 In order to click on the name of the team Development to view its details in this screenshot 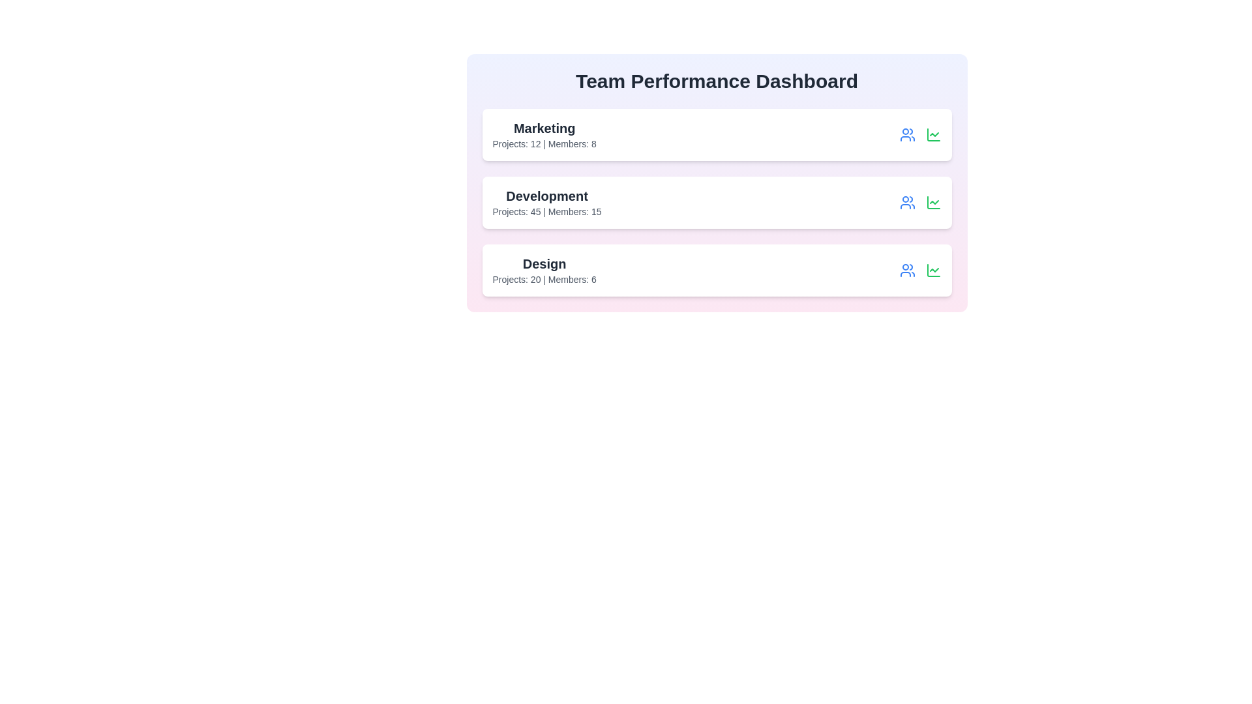, I will do `click(547, 196)`.